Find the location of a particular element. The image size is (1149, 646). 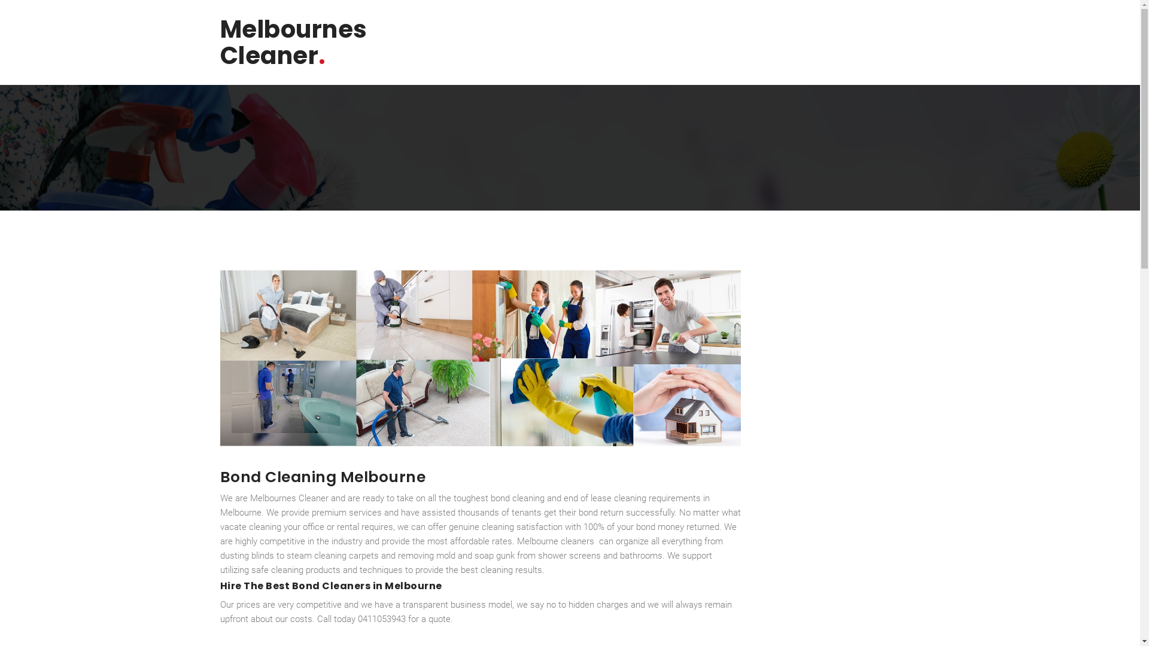

'Melbournes Cleaner.' is located at coordinates (293, 41).